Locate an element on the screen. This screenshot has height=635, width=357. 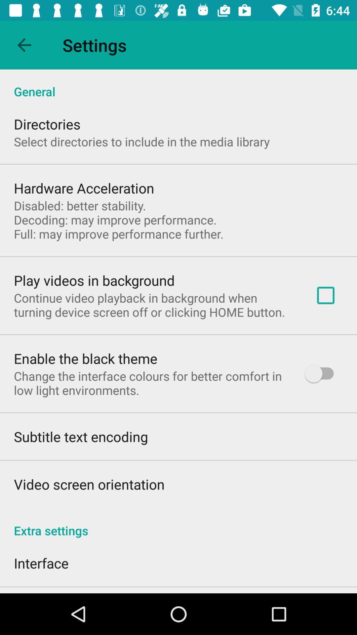
app above general item is located at coordinates (24, 45).